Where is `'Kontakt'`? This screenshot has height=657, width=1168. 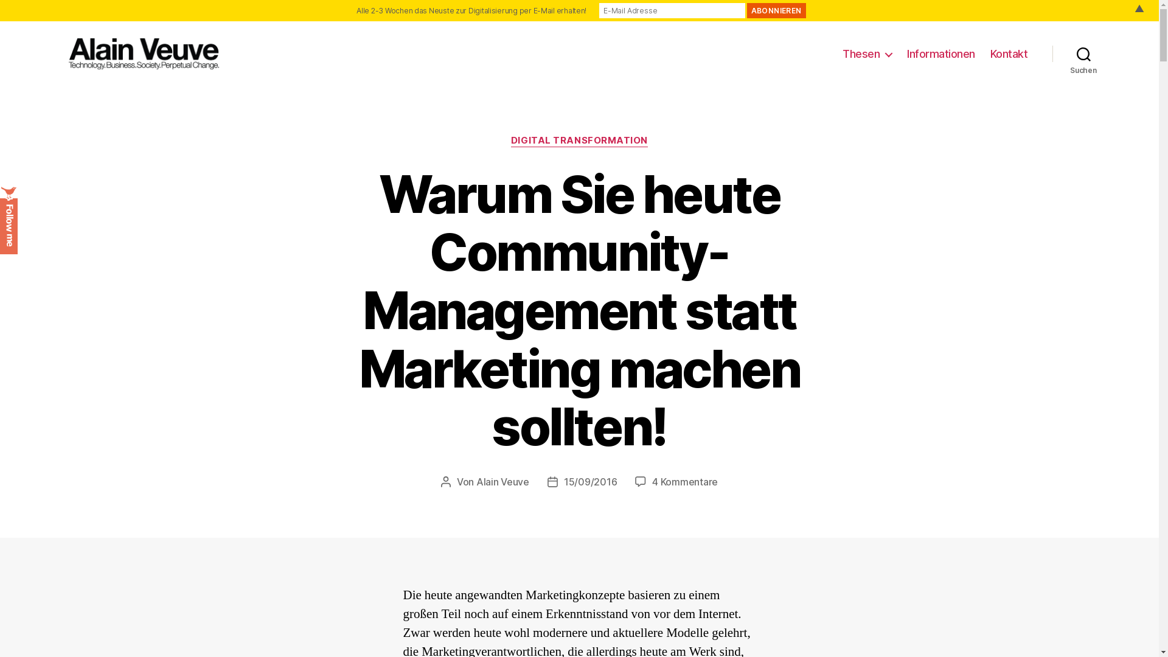 'Kontakt' is located at coordinates (1009, 53).